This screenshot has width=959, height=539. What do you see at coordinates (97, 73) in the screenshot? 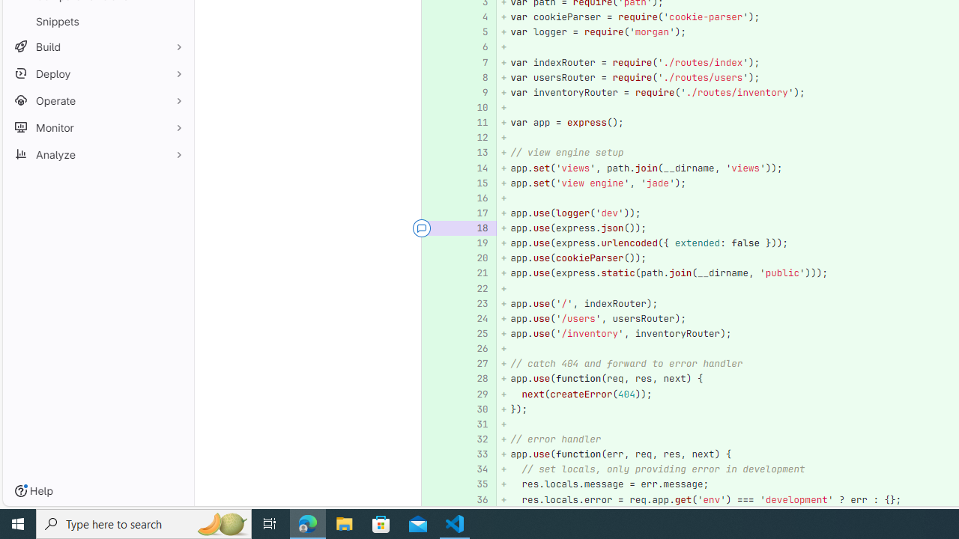
I see `'Deploy'` at bounding box center [97, 73].